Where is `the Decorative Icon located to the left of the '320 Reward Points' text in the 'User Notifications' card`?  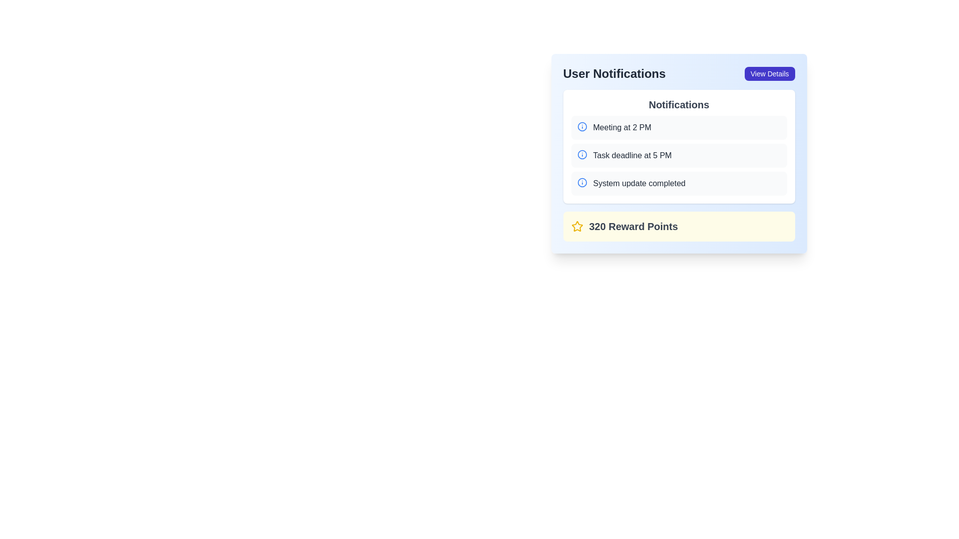
the Decorative Icon located to the left of the '320 Reward Points' text in the 'User Notifications' card is located at coordinates (577, 226).